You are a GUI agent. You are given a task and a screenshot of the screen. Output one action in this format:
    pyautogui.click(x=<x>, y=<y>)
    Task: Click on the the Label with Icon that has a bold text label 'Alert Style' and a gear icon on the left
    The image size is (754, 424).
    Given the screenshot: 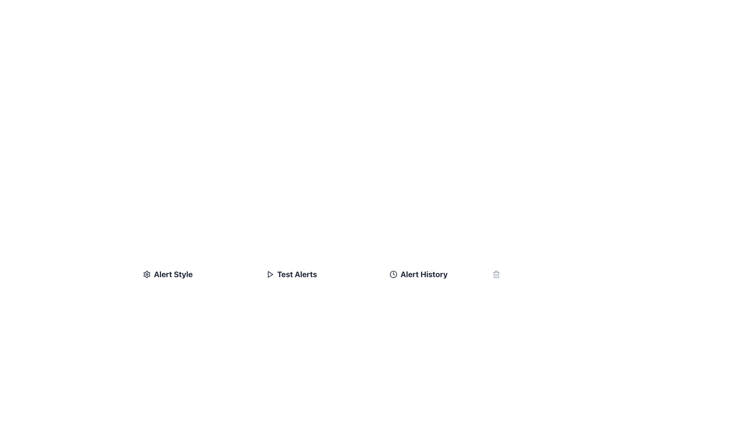 What is the action you would take?
    pyautogui.click(x=198, y=274)
    